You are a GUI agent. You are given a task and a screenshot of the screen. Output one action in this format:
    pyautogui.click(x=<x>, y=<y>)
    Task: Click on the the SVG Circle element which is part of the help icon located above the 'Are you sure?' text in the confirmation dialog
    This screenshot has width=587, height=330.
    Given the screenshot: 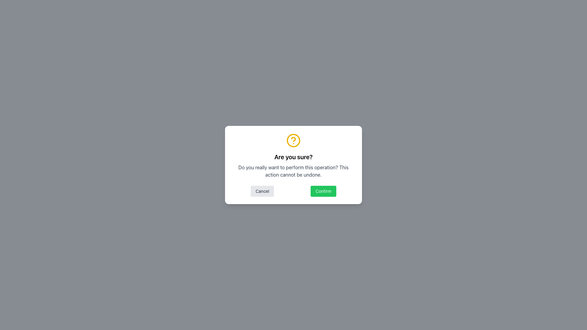 What is the action you would take?
    pyautogui.click(x=293, y=140)
    